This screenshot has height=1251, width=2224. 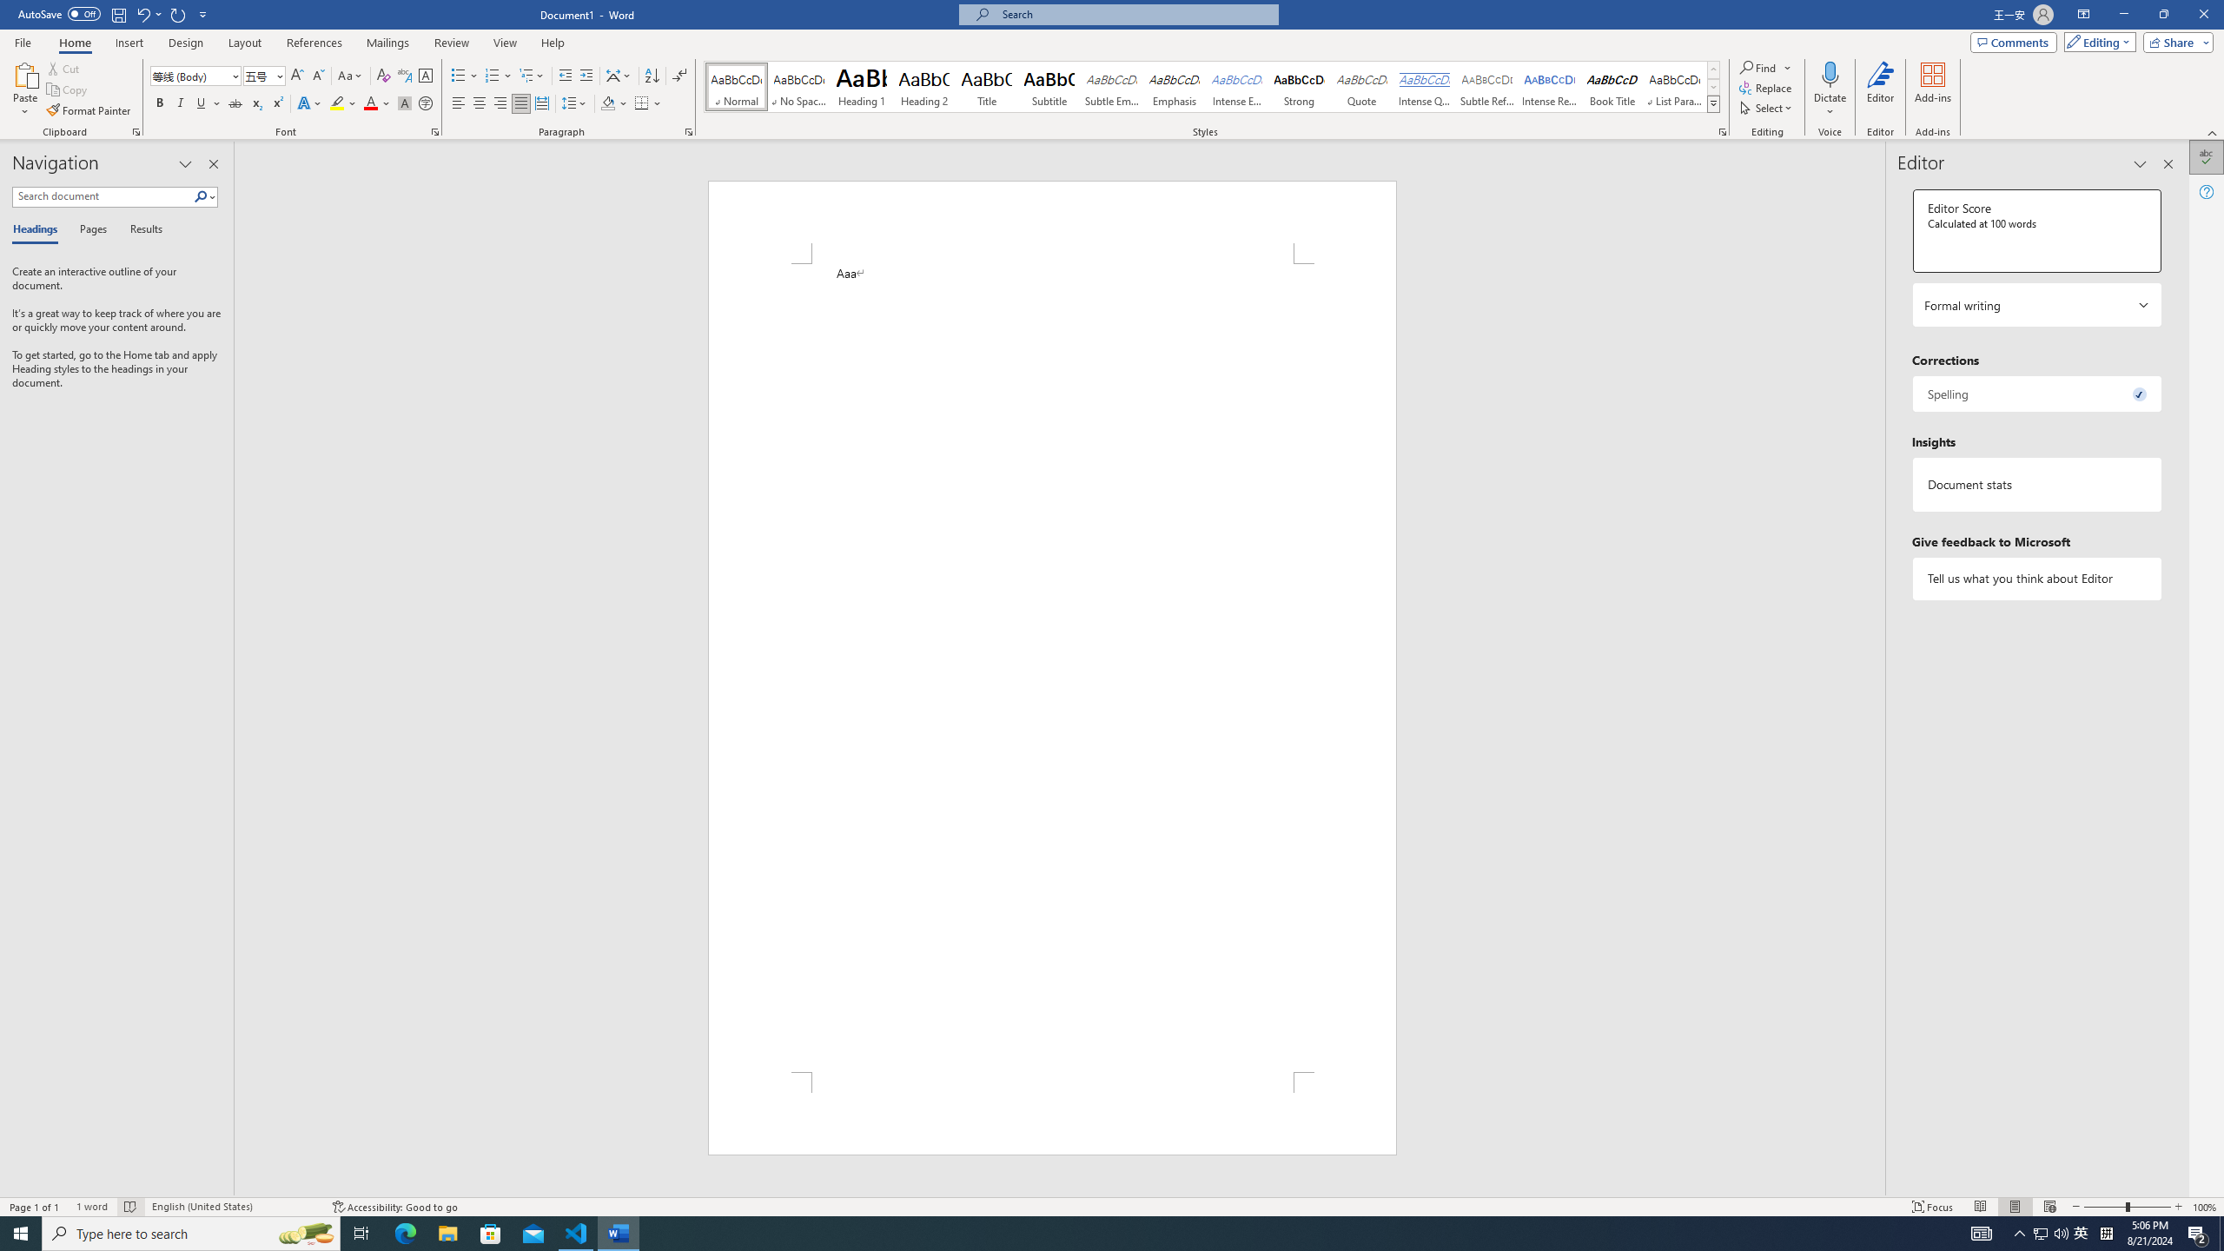 What do you see at coordinates (679, 76) in the screenshot?
I see `'Show/Hide Editing Marks'` at bounding box center [679, 76].